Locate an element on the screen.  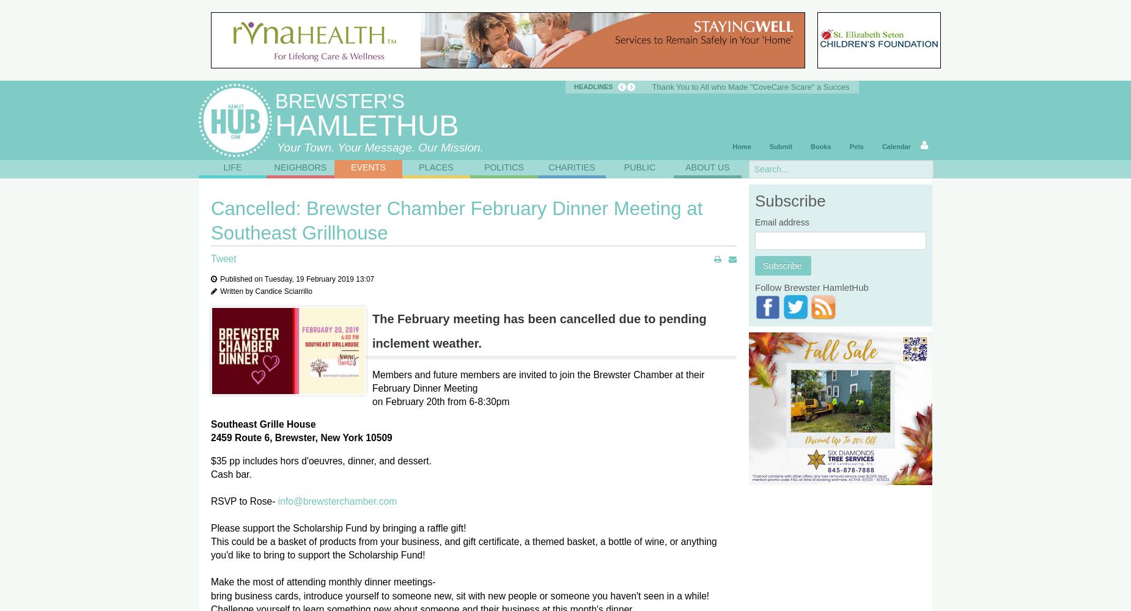
'Please support the Scholarship Fund by bringing a raffle gift!' is located at coordinates (338, 527).